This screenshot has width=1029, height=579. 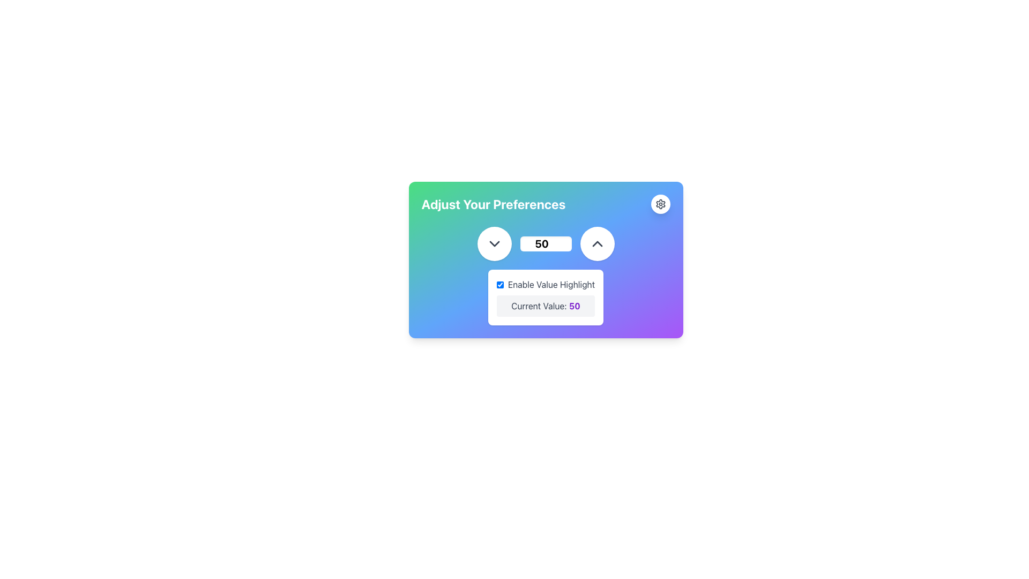 I want to click on the text label displaying 'Current Value: 50', which has a light gray background and is centered horizontally under the 'Enable Value Highlight' checkbox, so click(x=546, y=306).